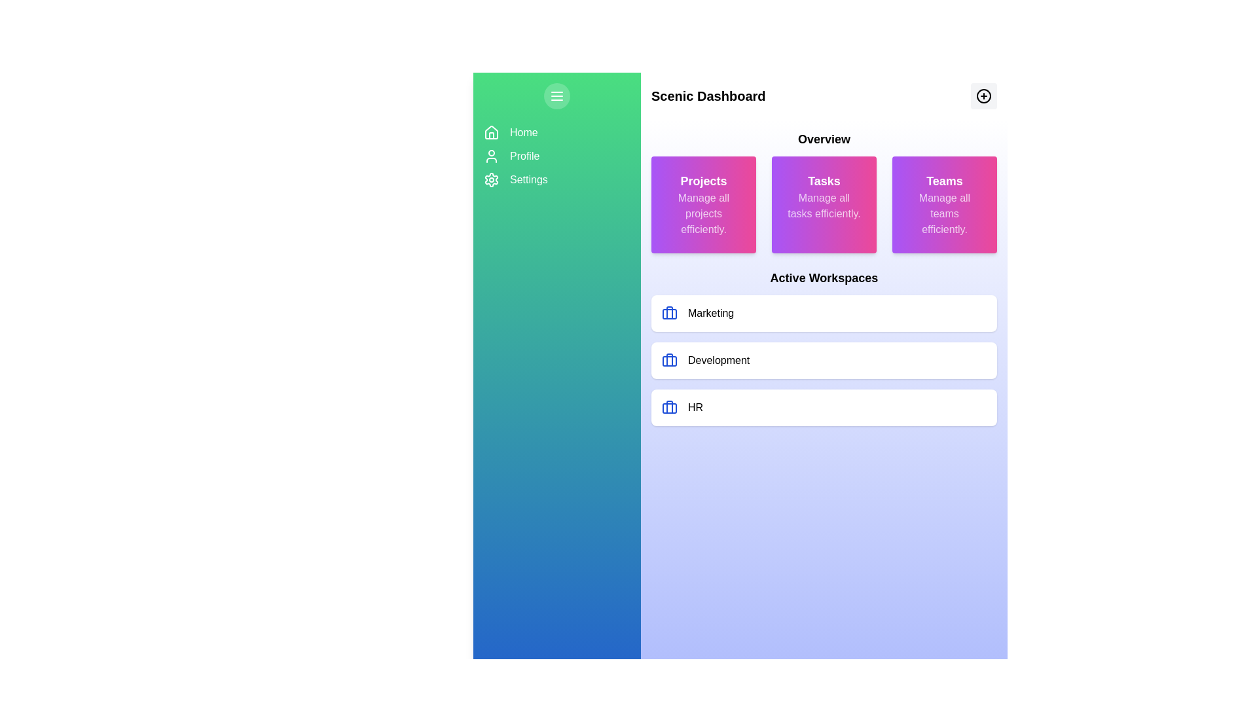  Describe the element at coordinates (490, 133) in the screenshot. I see `the Home icon in the left sidebar for keyboard navigation` at that location.